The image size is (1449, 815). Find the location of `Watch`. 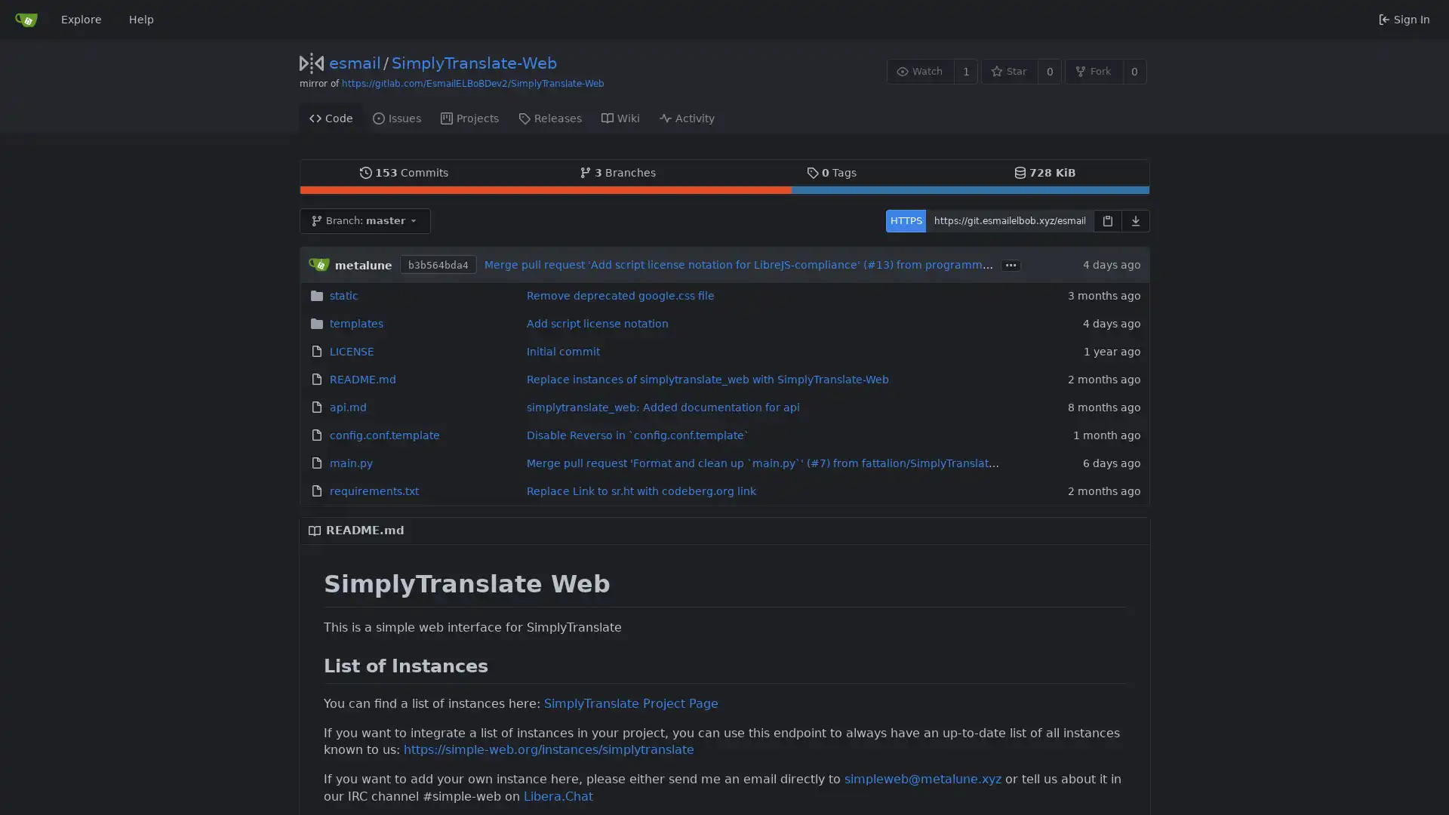

Watch is located at coordinates (919, 71).